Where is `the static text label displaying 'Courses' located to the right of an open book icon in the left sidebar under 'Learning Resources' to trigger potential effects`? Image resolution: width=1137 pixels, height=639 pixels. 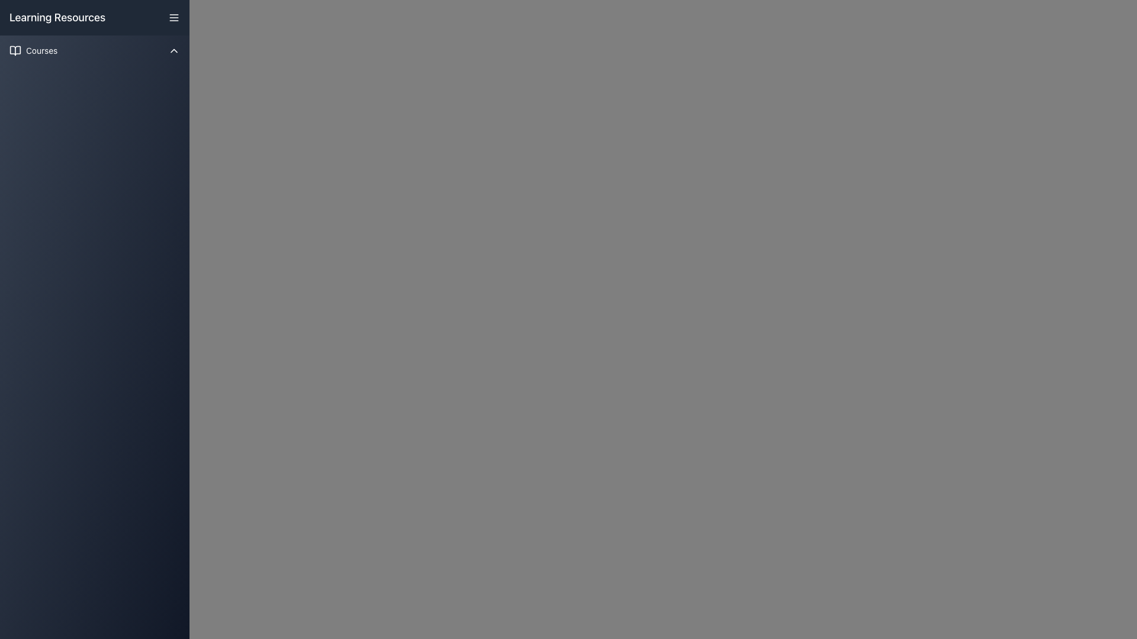 the static text label displaying 'Courses' located to the right of an open book icon in the left sidebar under 'Learning Resources' to trigger potential effects is located at coordinates (41, 50).